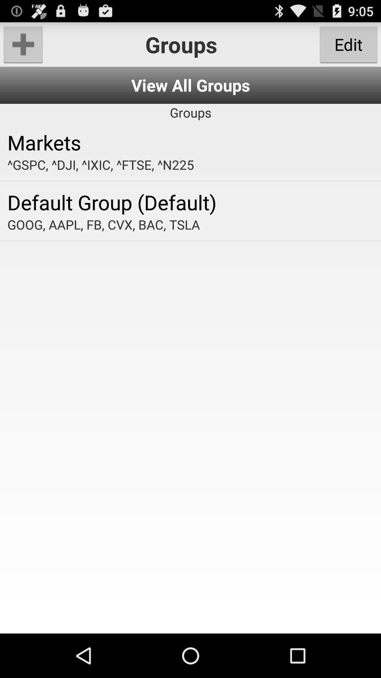  What do you see at coordinates (23, 44) in the screenshot?
I see `group` at bounding box center [23, 44].